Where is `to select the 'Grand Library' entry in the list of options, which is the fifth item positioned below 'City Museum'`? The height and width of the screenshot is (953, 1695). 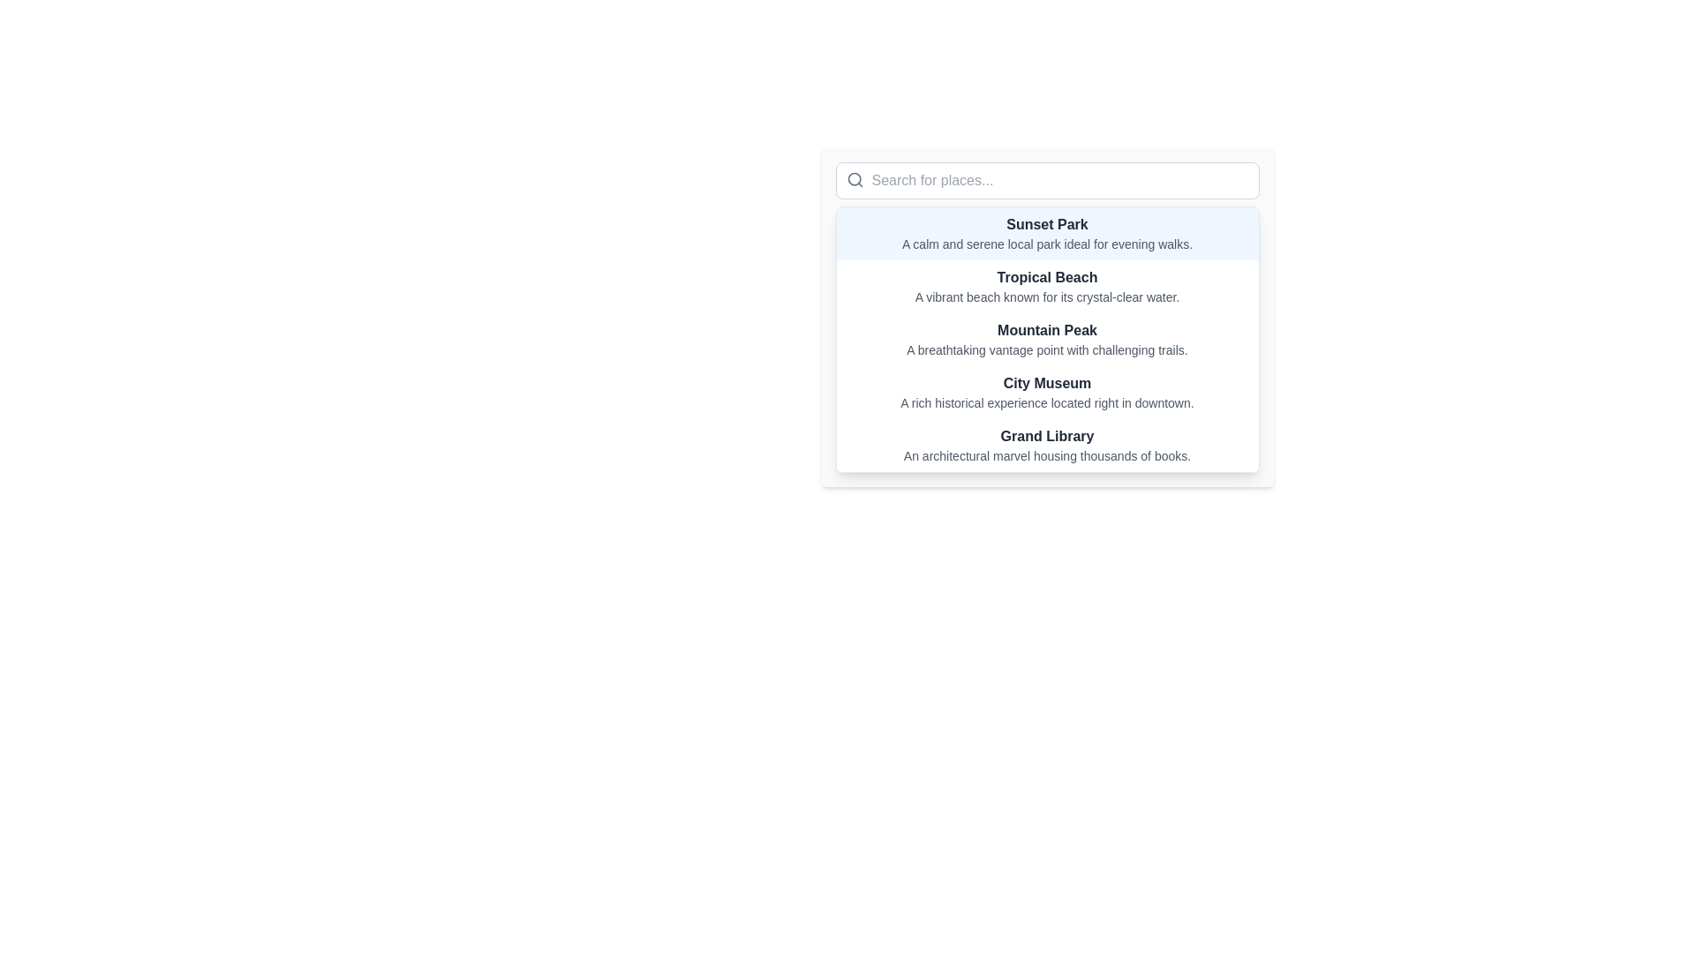 to select the 'Grand Library' entry in the list of options, which is the fifth item positioned below 'City Museum' is located at coordinates (1047, 445).